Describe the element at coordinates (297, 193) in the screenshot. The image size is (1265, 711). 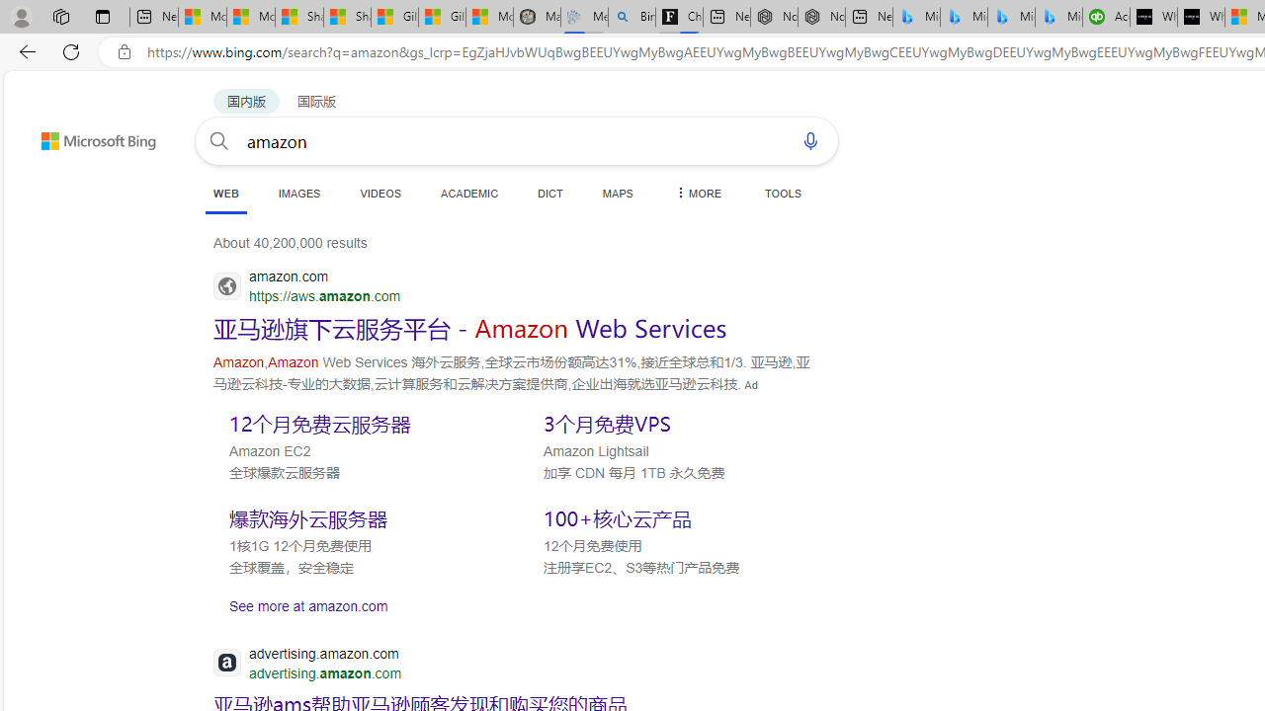
I see `'IMAGES'` at that location.